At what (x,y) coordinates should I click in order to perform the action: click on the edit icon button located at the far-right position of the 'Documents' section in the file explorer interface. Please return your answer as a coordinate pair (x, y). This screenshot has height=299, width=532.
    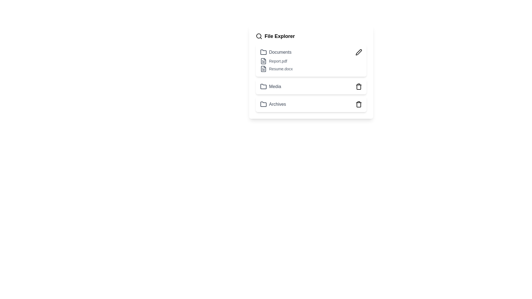
    Looking at the image, I should click on (359, 52).